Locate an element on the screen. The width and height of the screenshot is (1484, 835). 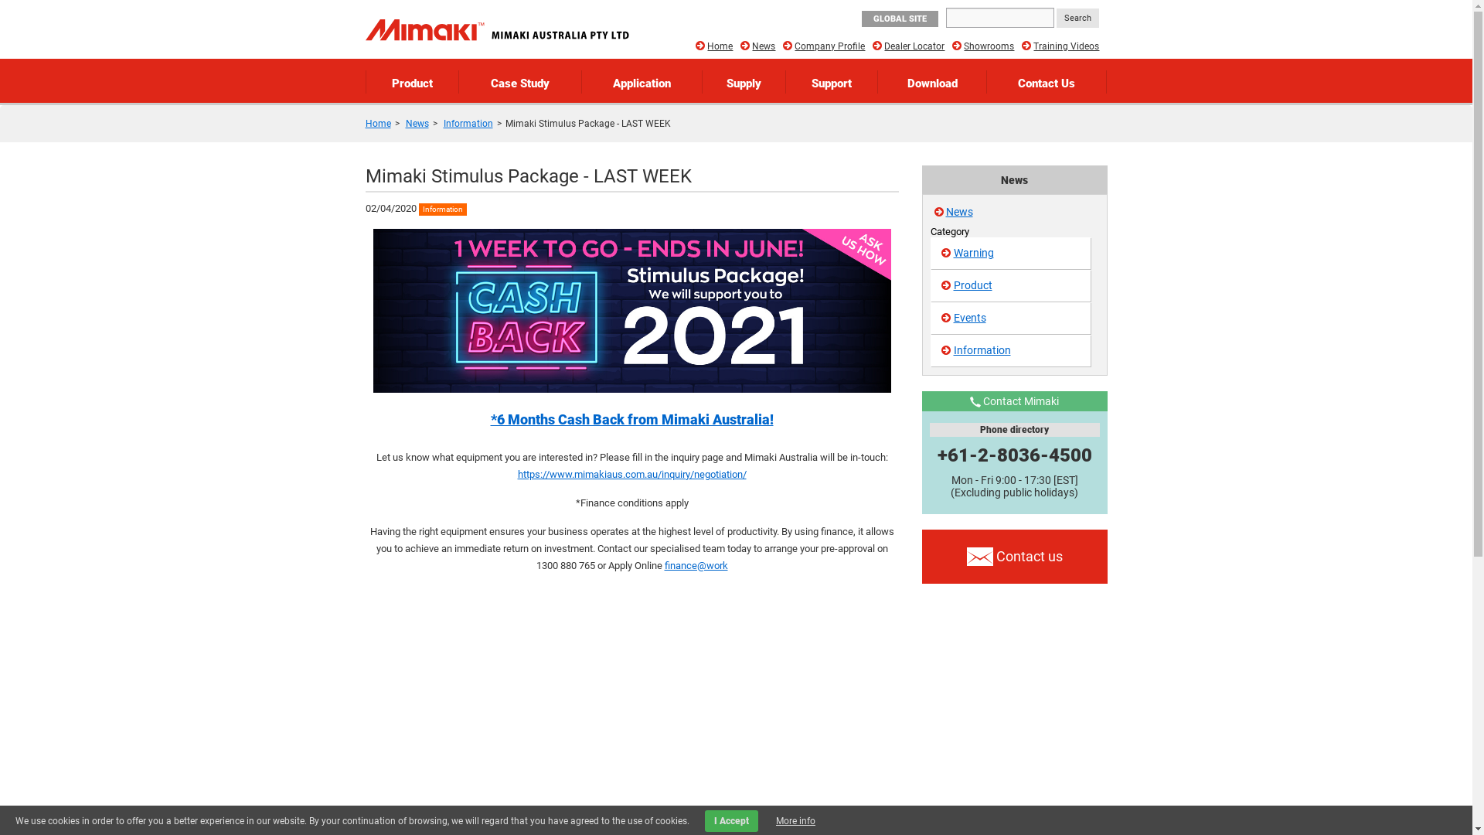
'Search' is located at coordinates (1056, 18).